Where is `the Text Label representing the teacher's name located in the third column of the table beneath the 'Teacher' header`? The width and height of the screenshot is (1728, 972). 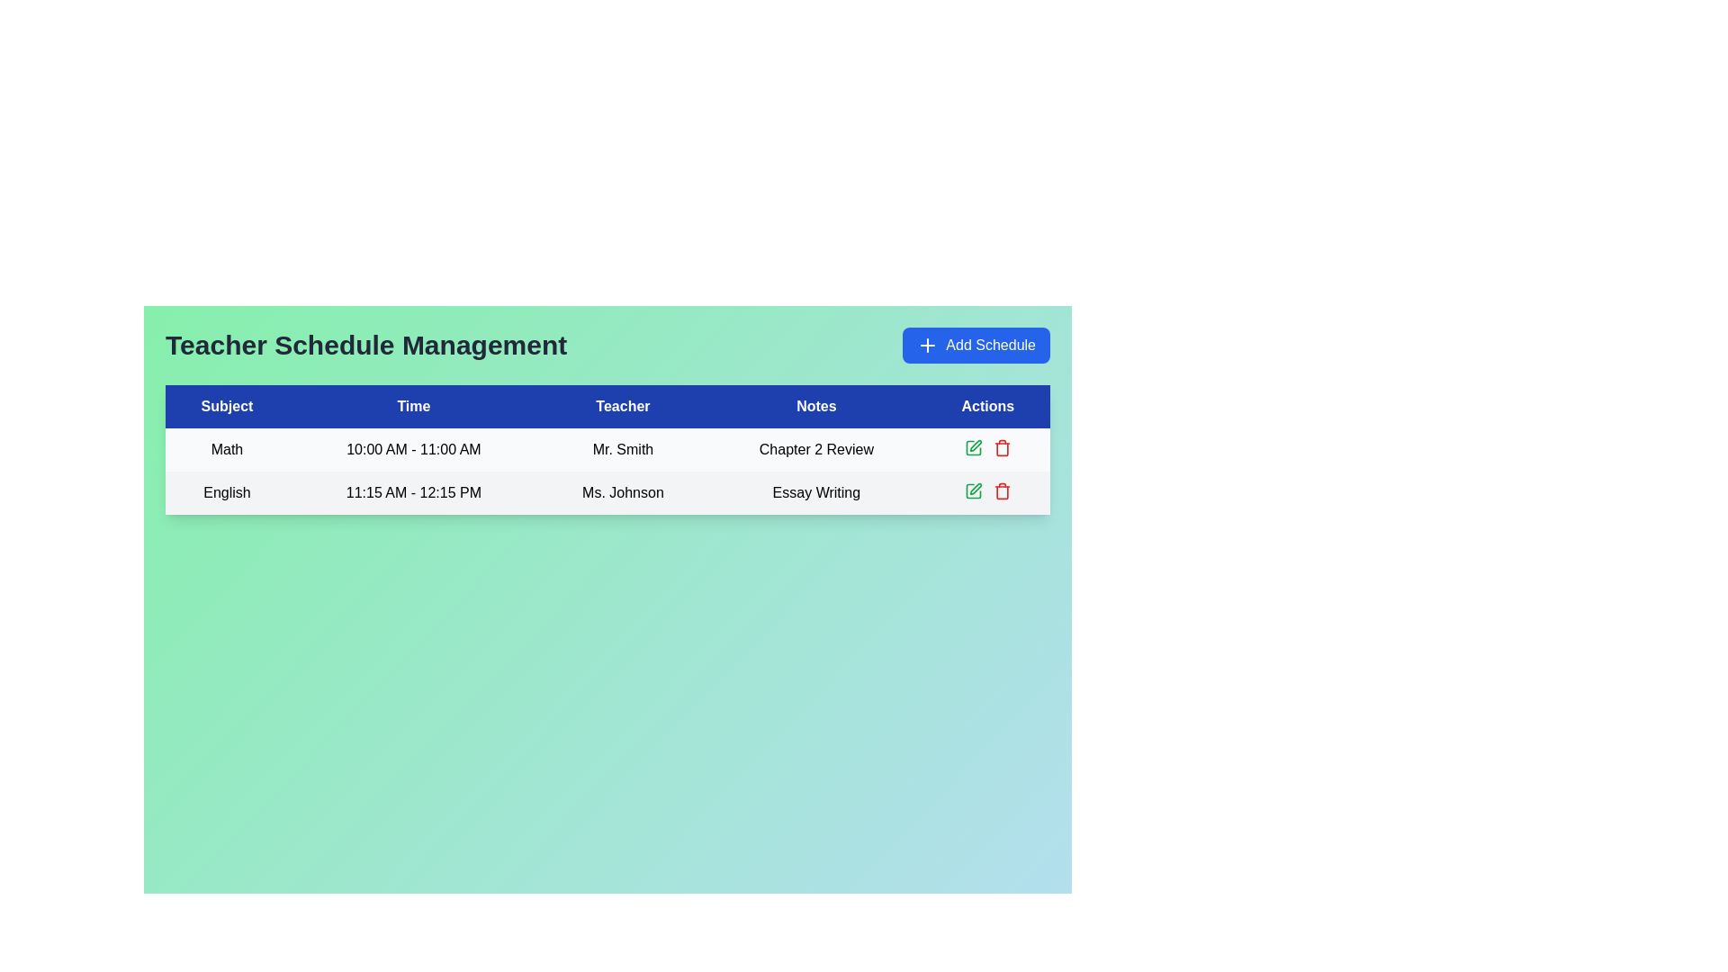 the Text Label representing the teacher's name located in the third column of the table beneath the 'Teacher' header is located at coordinates (623, 449).